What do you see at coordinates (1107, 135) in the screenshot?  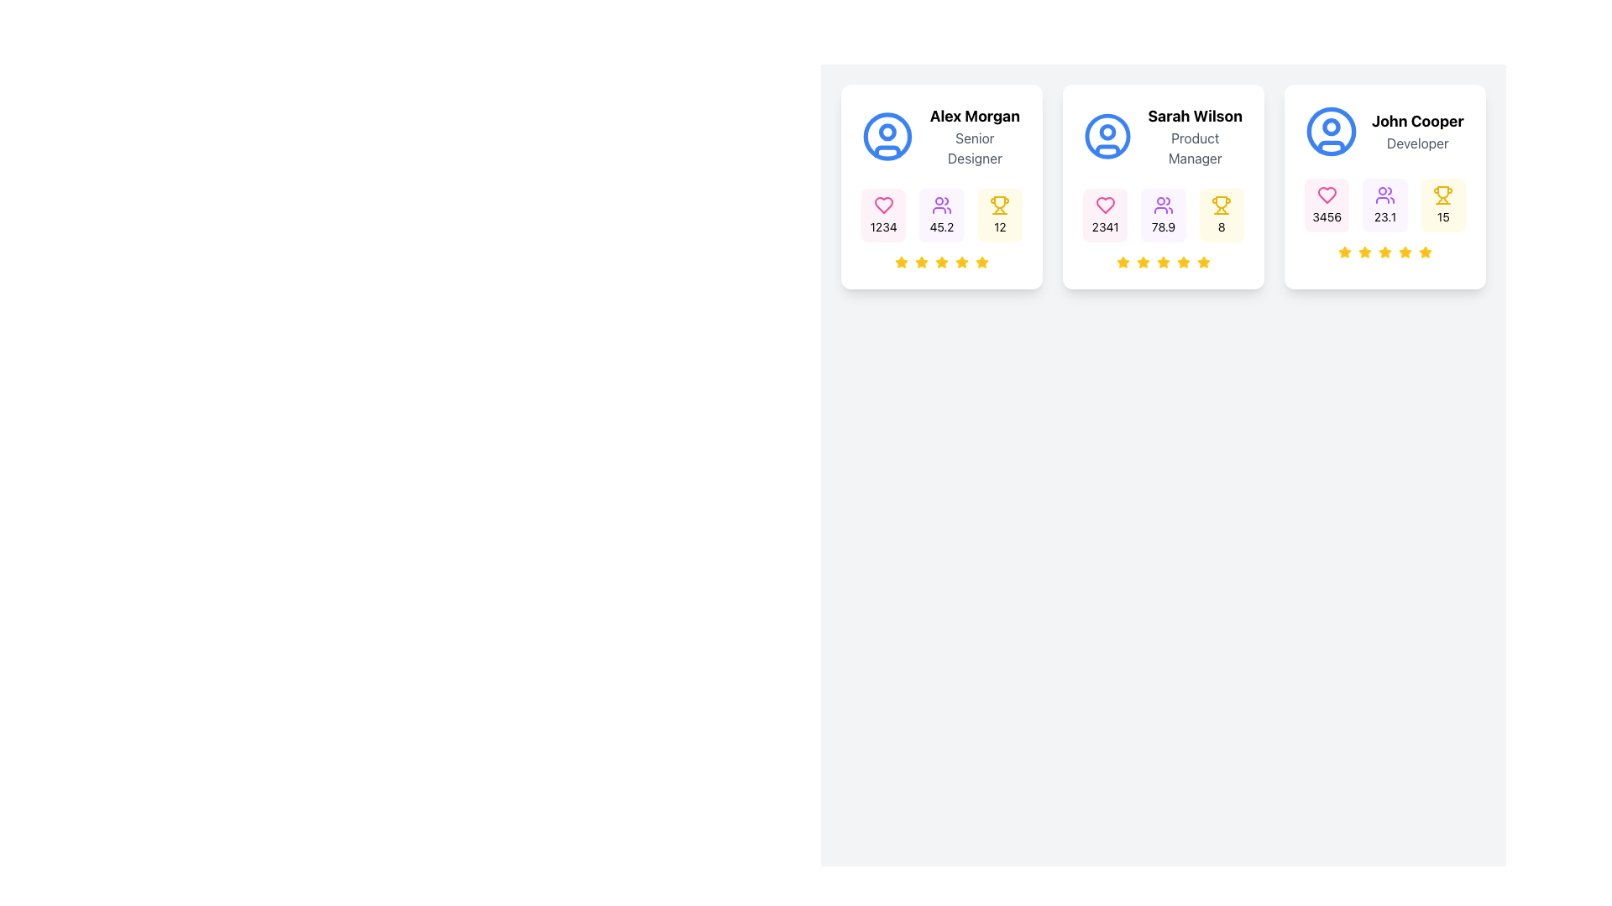 I see `the circular user icon with a blue stroke located in the profile card for 'Sarah Wilson', which is situated above the text 'Sarah Wilson' and 'Product Manager'` at bounding box center [1107, 135].